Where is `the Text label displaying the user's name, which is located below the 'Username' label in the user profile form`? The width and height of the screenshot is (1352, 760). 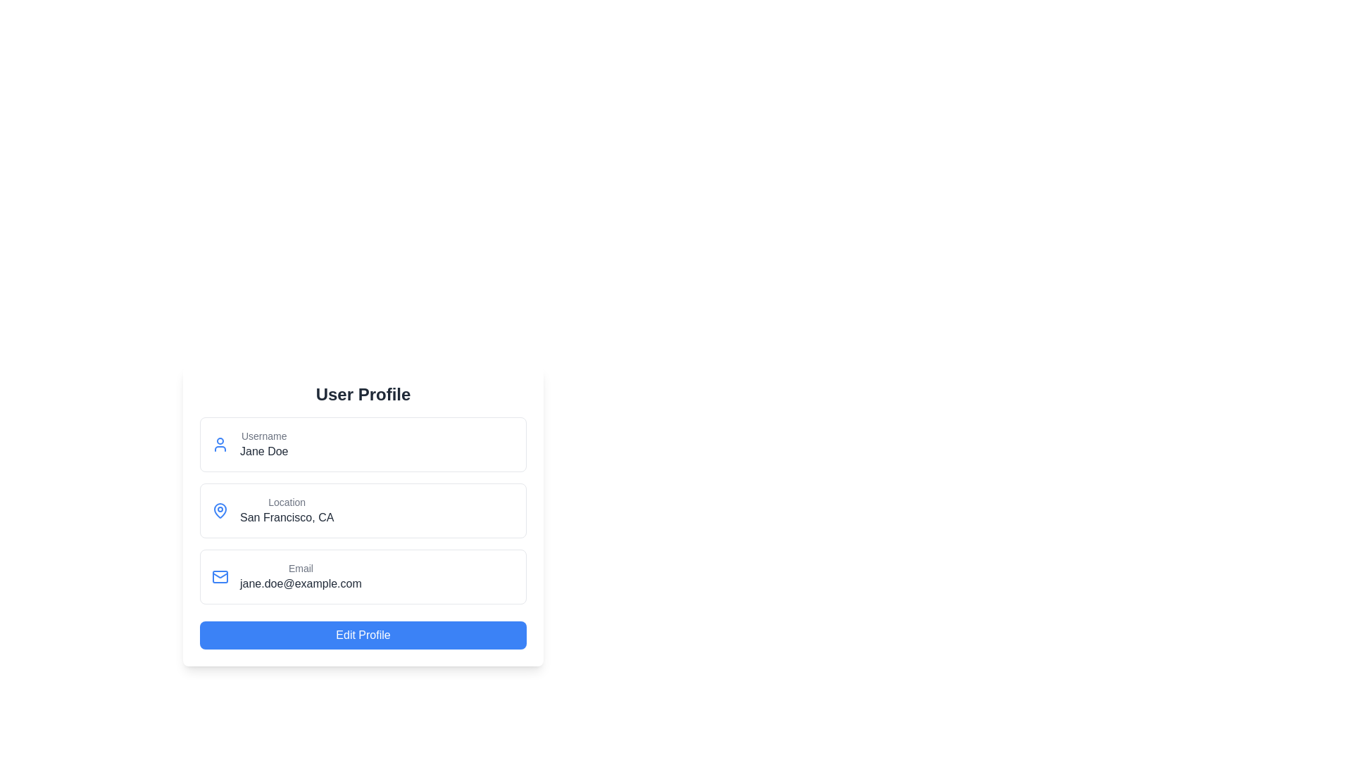 the Text label displaying the user's name, which is located below the 'Username' label in the user profile form is located at coordinates (264, 451).